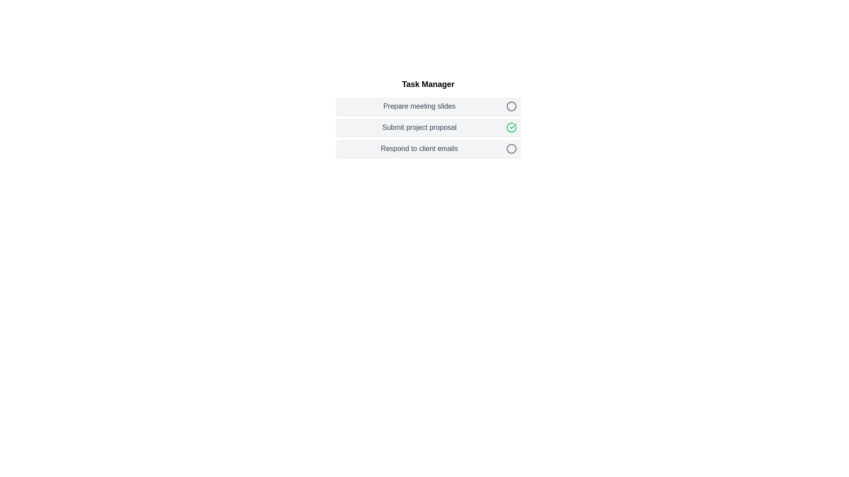 The height and width of the screenshot is (477, 849). What do you see at coordinates (419, 128) in the screenshot?
I see `the text label displaying 'Submit project proposal', which is a central component in the task list interface` at bounding box center [419, 128].